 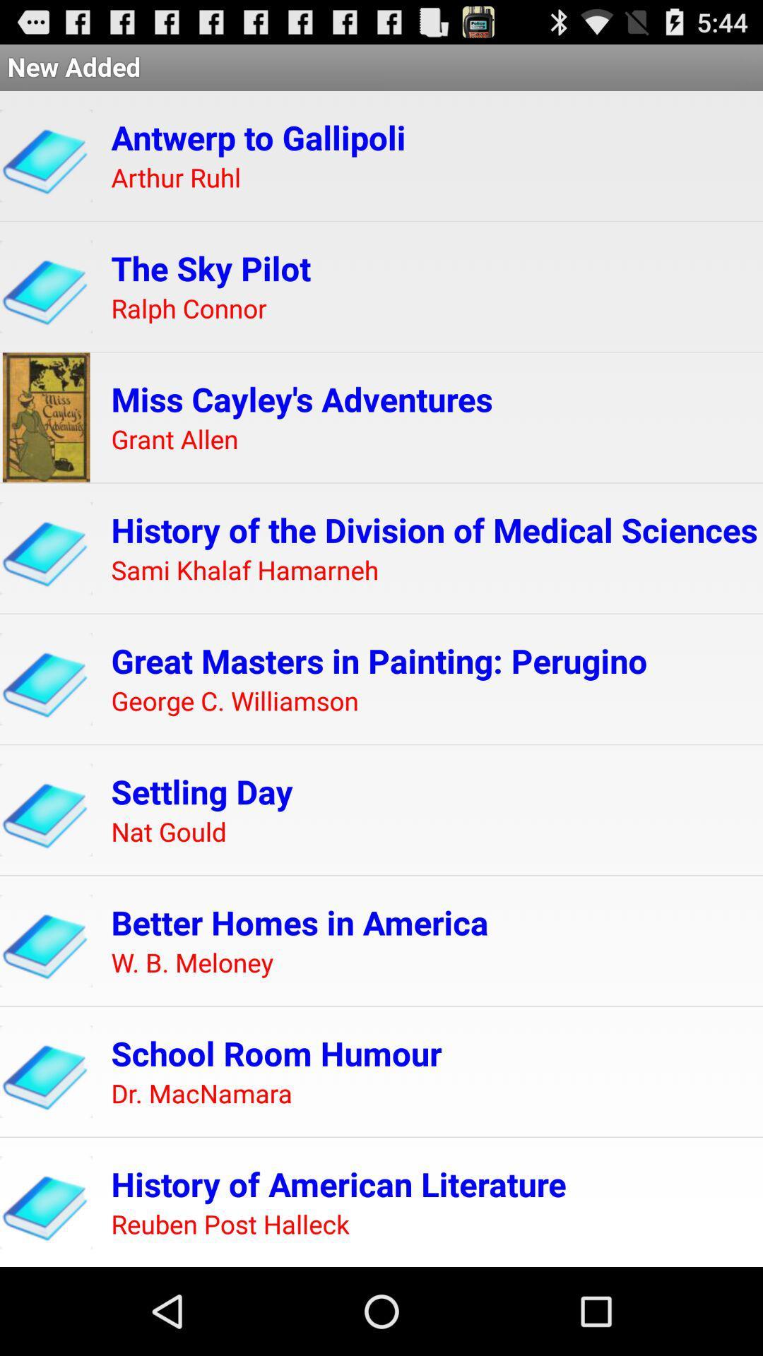 I want to click on the george c. williamson app, so click(x=234, y=701).